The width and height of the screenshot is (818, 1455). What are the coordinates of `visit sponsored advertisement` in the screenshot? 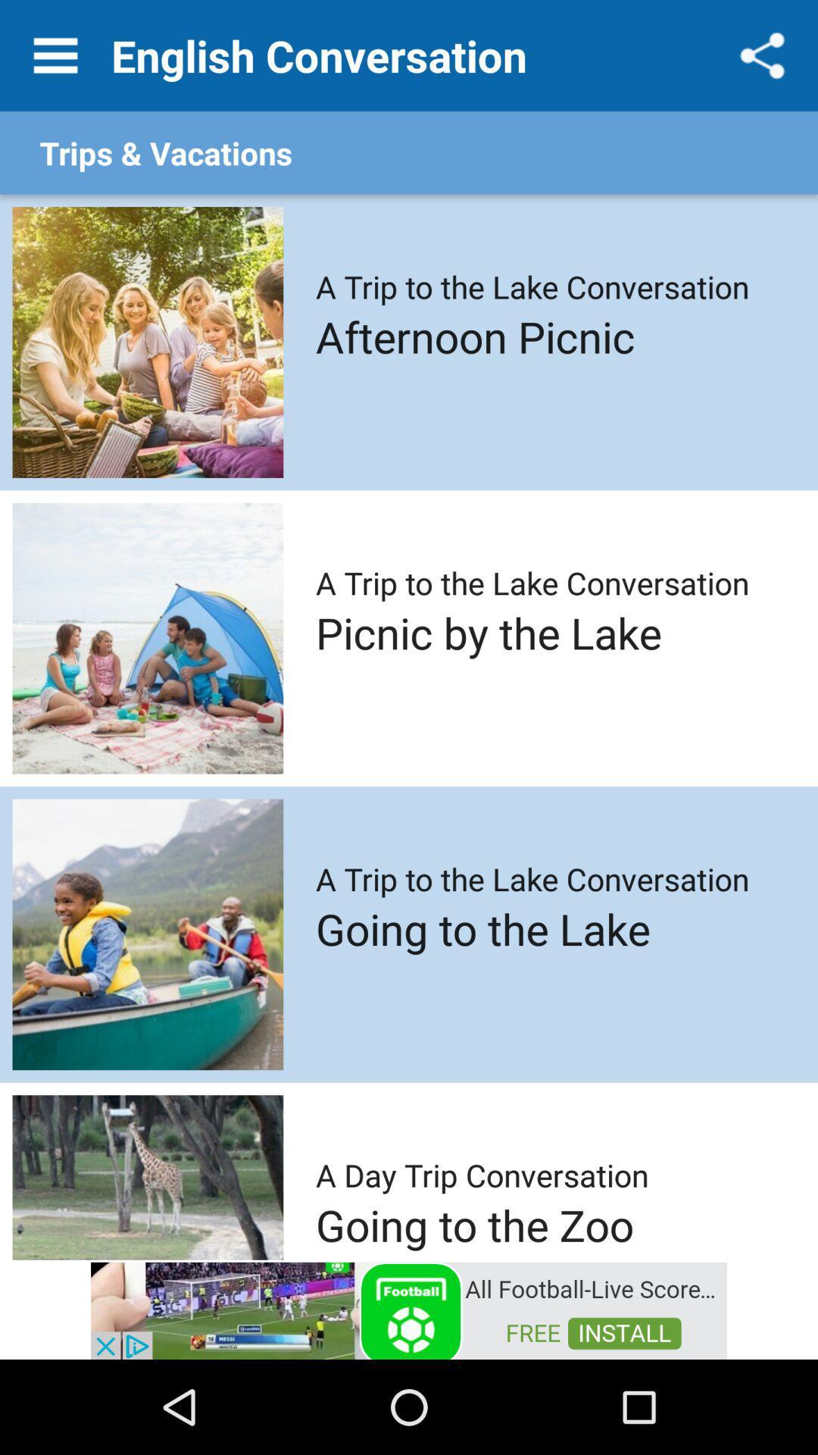 It's located at (409, 1309).